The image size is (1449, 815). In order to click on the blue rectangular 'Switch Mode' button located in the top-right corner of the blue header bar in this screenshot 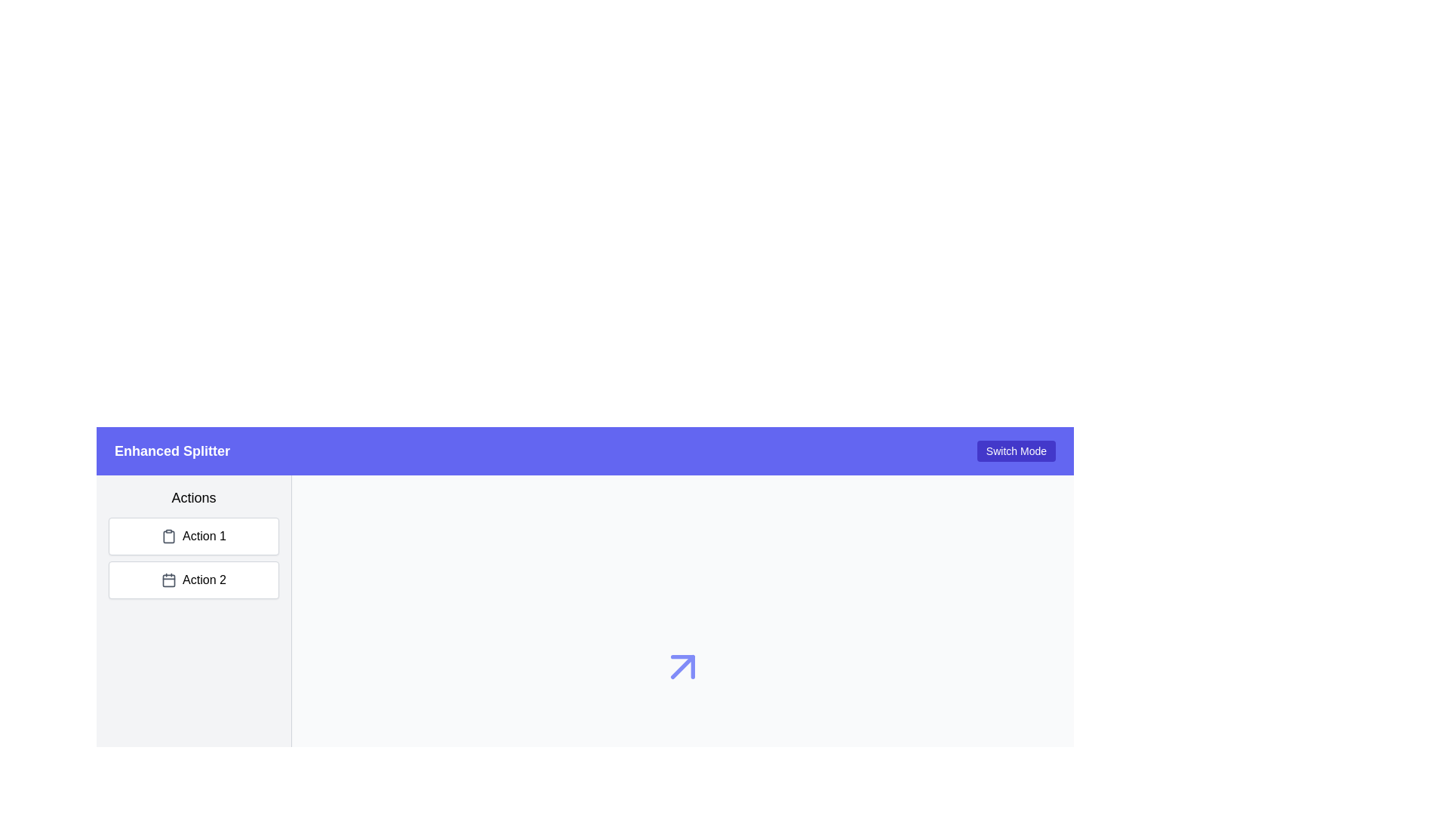, I will do `click(1016, 450)`.